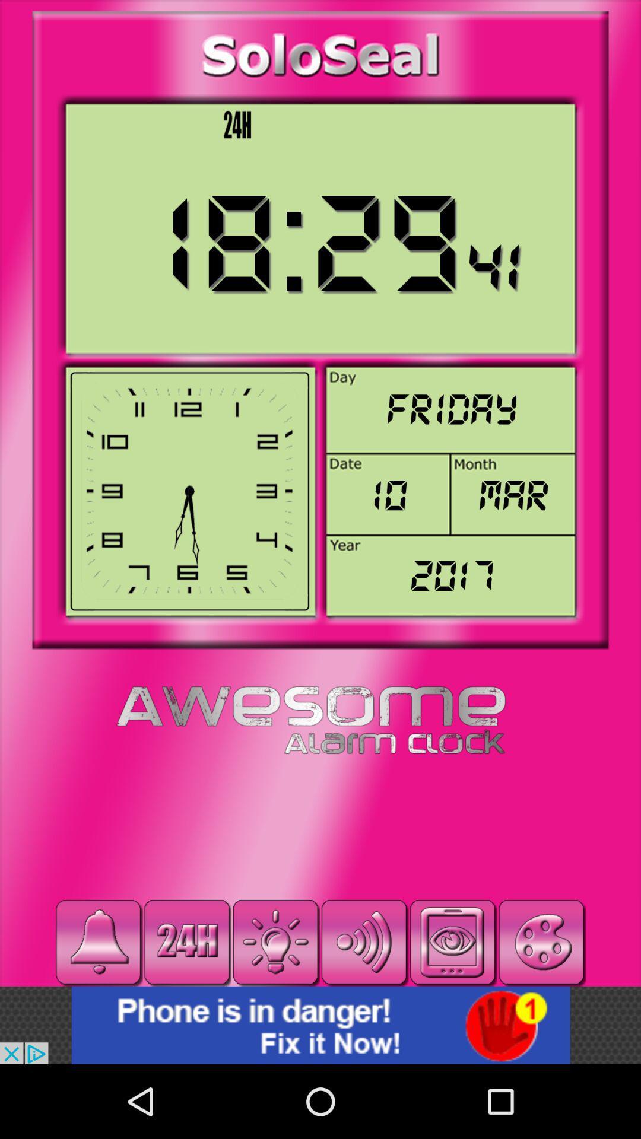  What do you see at coordinates (363, 941) in the screenshot?
I see `volume` at bounding box center [363, 941].